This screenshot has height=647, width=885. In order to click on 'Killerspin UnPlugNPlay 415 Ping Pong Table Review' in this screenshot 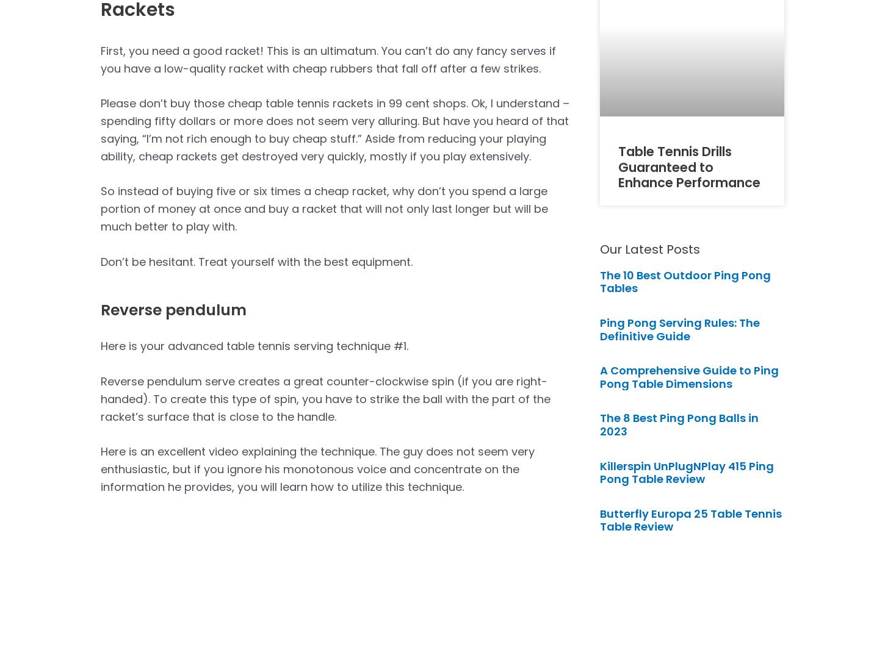, I will do `click(686, 472)`.